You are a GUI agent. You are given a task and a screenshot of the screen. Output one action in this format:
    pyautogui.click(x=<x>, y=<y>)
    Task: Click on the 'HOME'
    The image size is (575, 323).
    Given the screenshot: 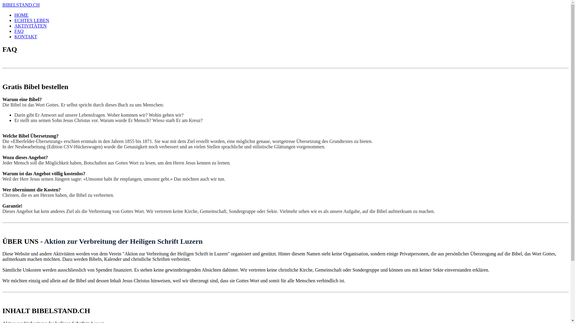 What is the action you would take?
    pyautogui.click(x=14, y=15)
    